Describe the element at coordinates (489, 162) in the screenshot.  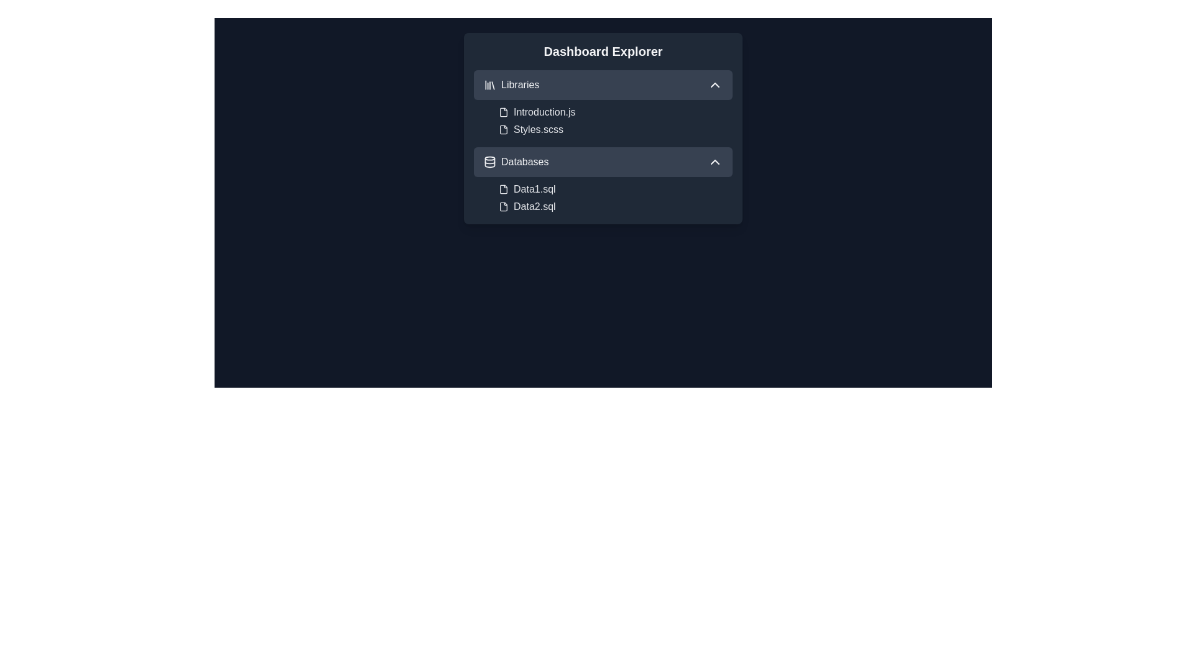
I see `the decorative graphic that resembles a horizontal line segment within the database icon located near the 'Databases' label in the second expandable section of the sidebar UI` at that location.